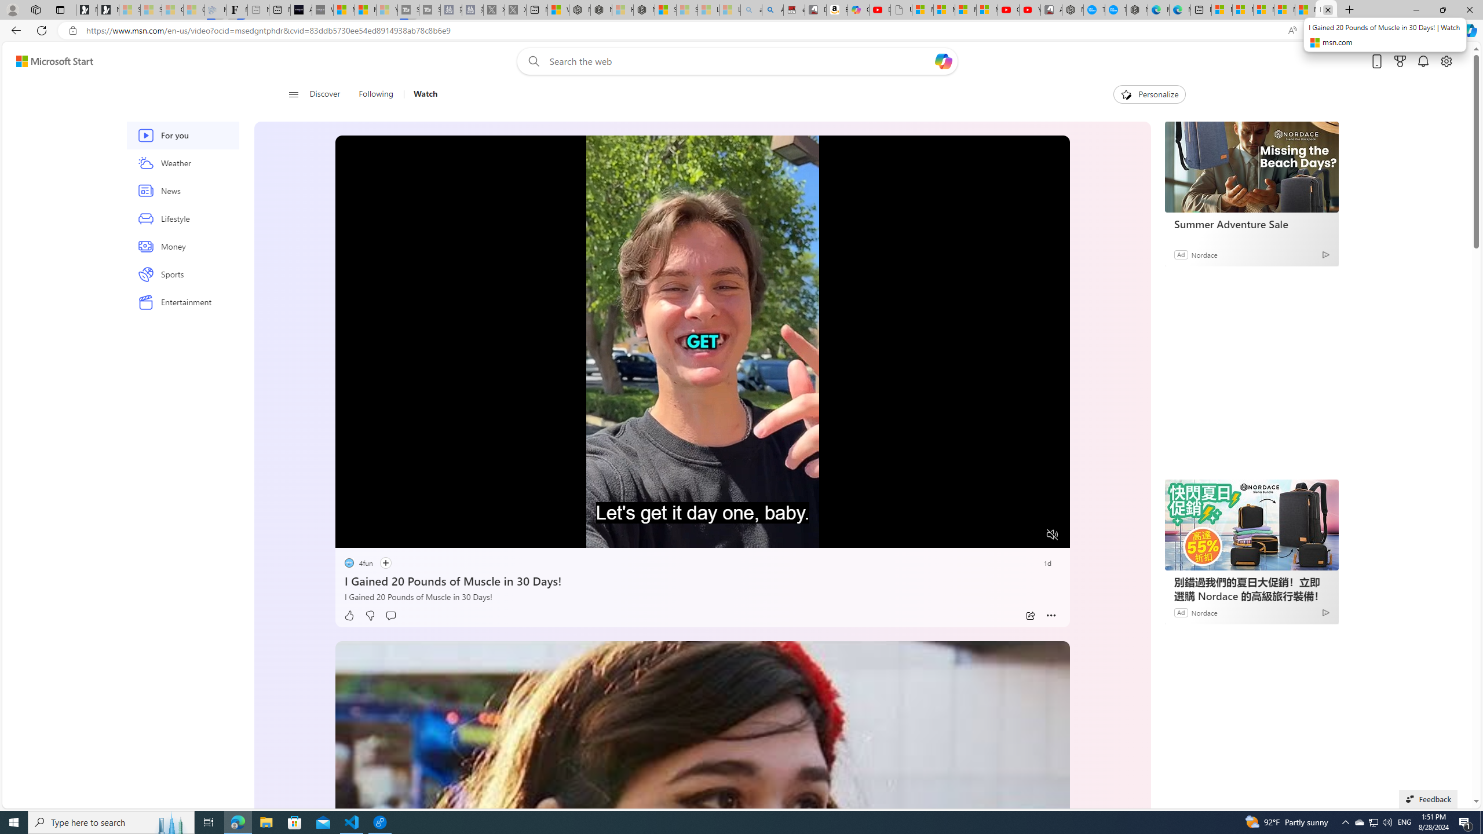 The height and width of the screenshot is (834, 1483). I want to click on 'Open Copilot', so click(943, 60).